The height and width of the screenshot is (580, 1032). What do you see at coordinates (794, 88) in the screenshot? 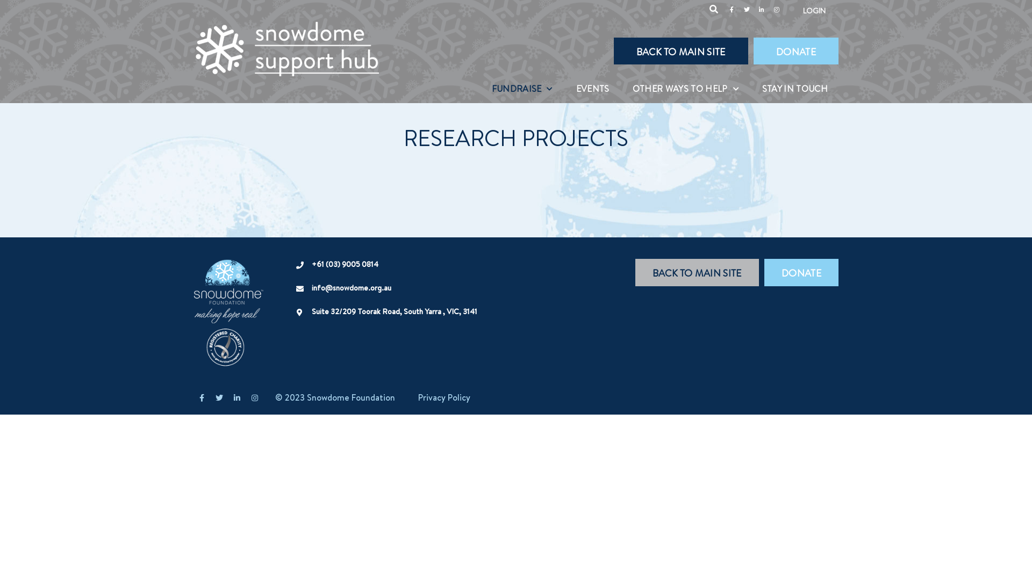
I see `'STAY IN TOUCH'` at bounding box center [794, 88].